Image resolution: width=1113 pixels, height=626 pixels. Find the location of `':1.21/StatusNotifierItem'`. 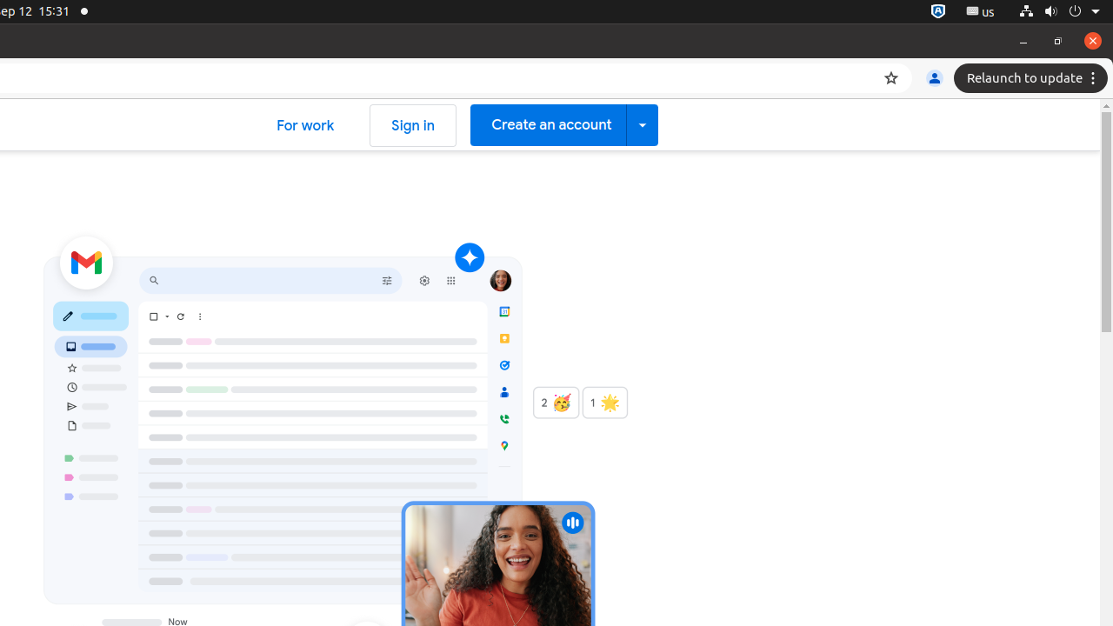

':1.21/StatusNotifierItem' is located at coordinates (980, 11).